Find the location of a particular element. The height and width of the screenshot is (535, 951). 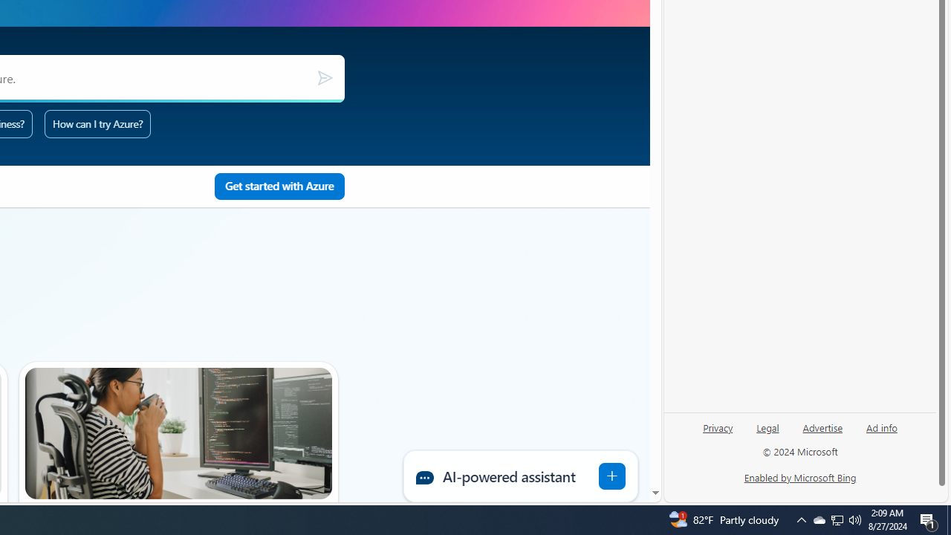

'How can I try Azure?' is located at coordinates (97, 123).